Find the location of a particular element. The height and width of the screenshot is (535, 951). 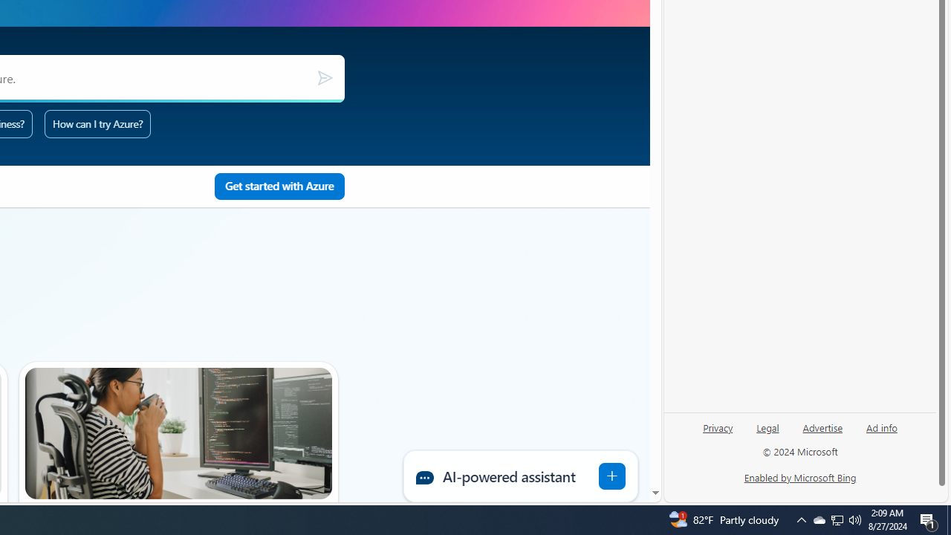

'How can I try Azure?' is located at coordinates (97, 123).